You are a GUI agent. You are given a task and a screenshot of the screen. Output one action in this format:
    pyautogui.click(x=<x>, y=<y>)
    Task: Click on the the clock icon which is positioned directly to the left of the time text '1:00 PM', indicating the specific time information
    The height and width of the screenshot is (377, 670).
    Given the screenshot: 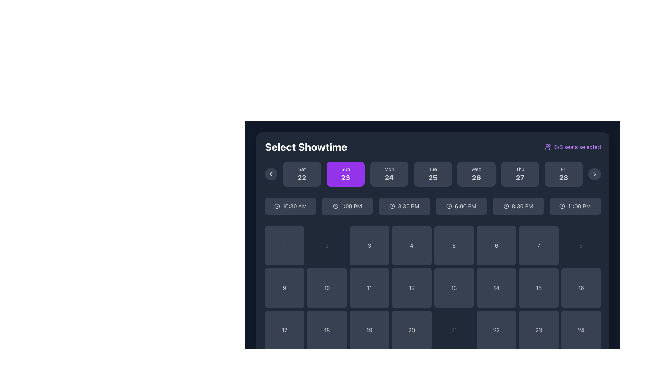 What is the action you would take?
    pyautogui.click(x=336, y=206)
    